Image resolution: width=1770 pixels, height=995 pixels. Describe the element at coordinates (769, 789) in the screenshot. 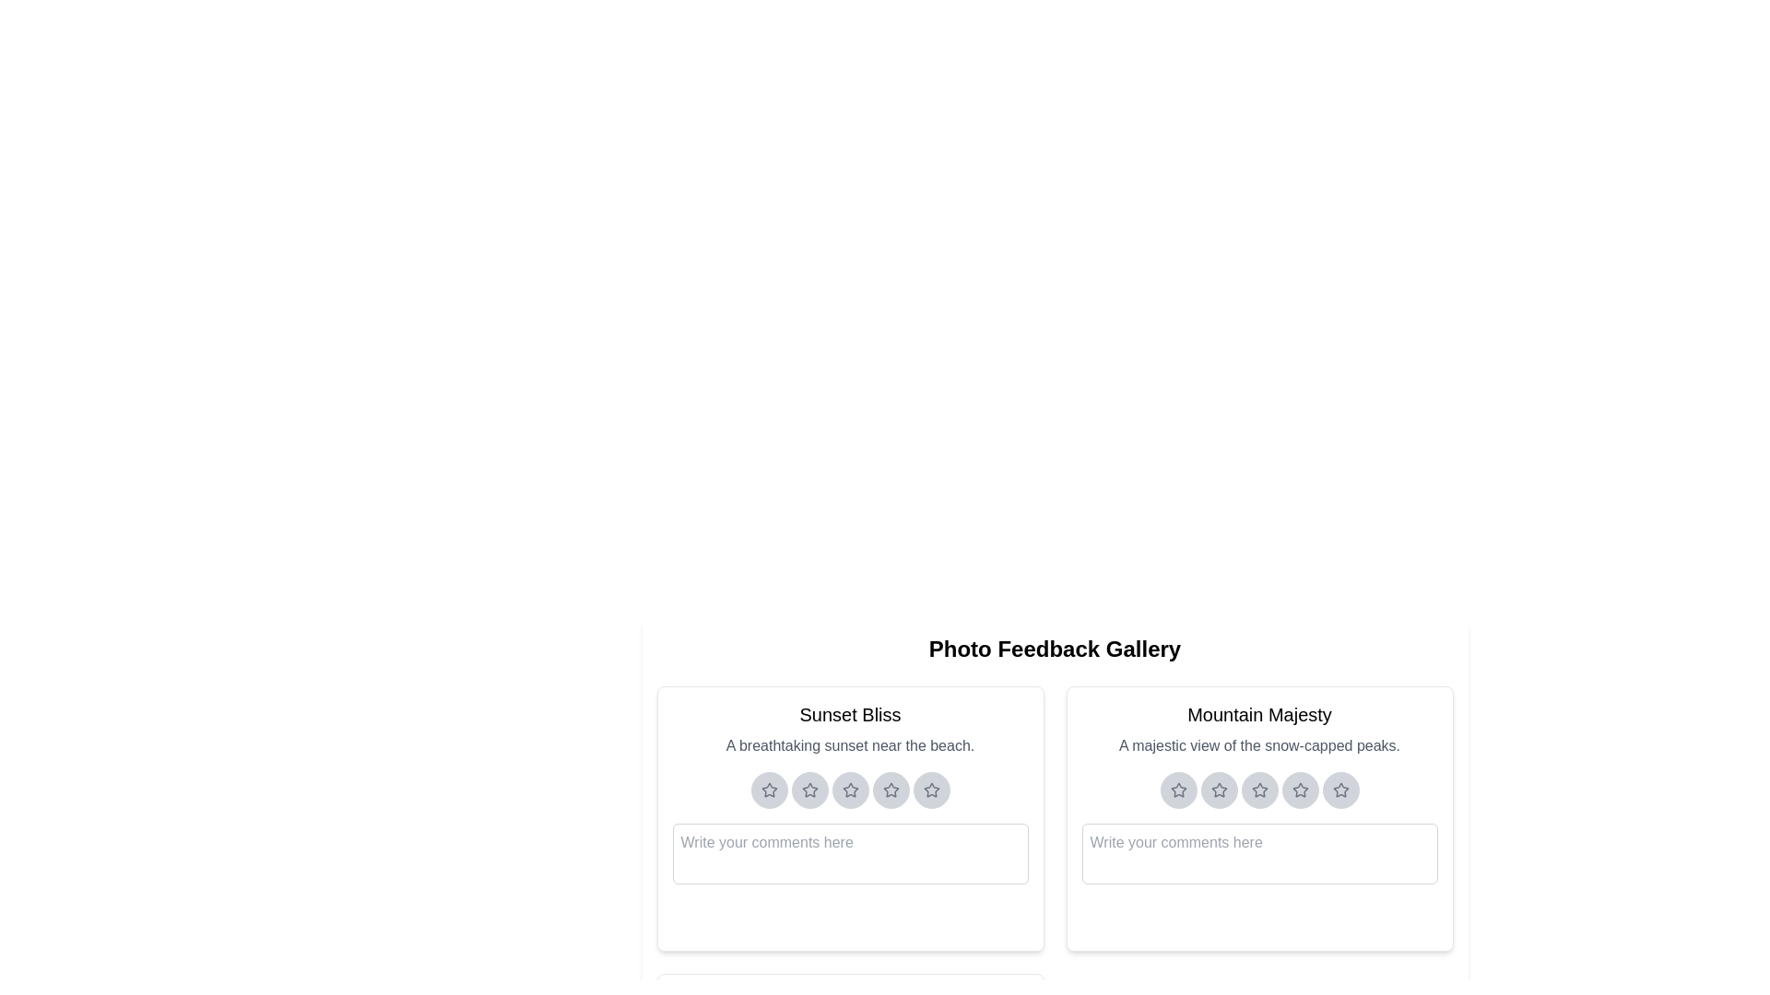

I see `the first star icon` at that location.